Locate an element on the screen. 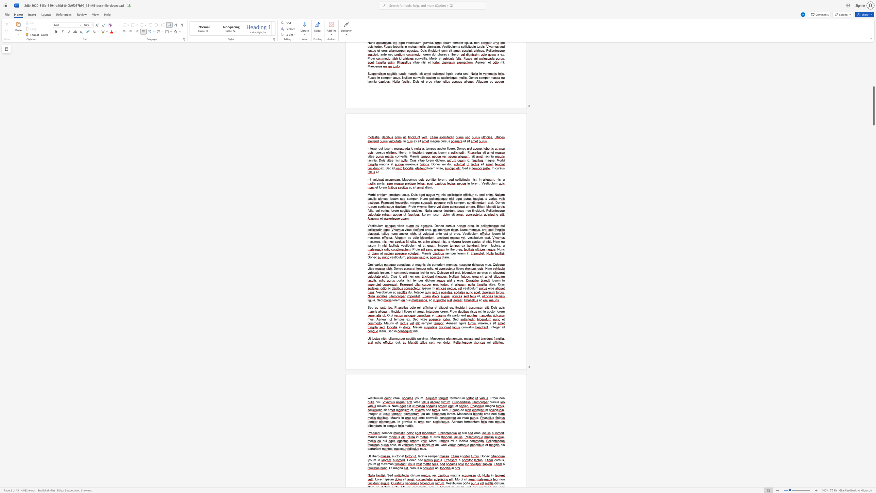 This screenshot has height=493, width=876. the space between the continuous character "n" and "i" in the text is located at coordinates (424, 456).